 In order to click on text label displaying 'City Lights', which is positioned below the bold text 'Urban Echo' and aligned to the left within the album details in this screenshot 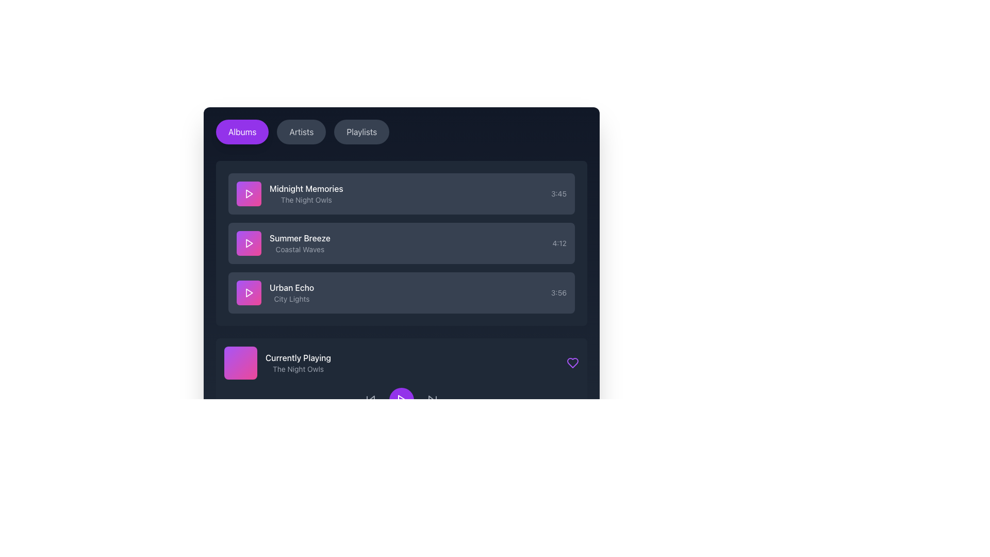, I will do `click(291, 299)`.